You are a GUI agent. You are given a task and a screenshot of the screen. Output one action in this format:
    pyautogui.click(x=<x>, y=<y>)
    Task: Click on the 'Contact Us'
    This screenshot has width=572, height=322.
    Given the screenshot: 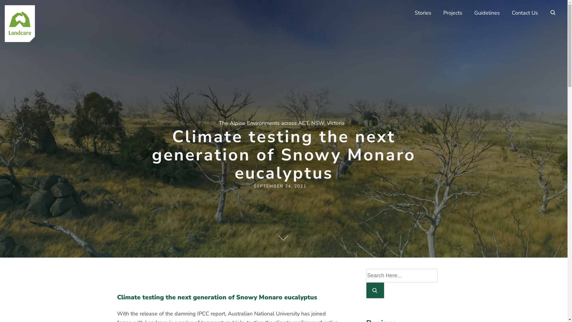 What is the action you would take?
    pyautogui.click(x=506, y=13)
    